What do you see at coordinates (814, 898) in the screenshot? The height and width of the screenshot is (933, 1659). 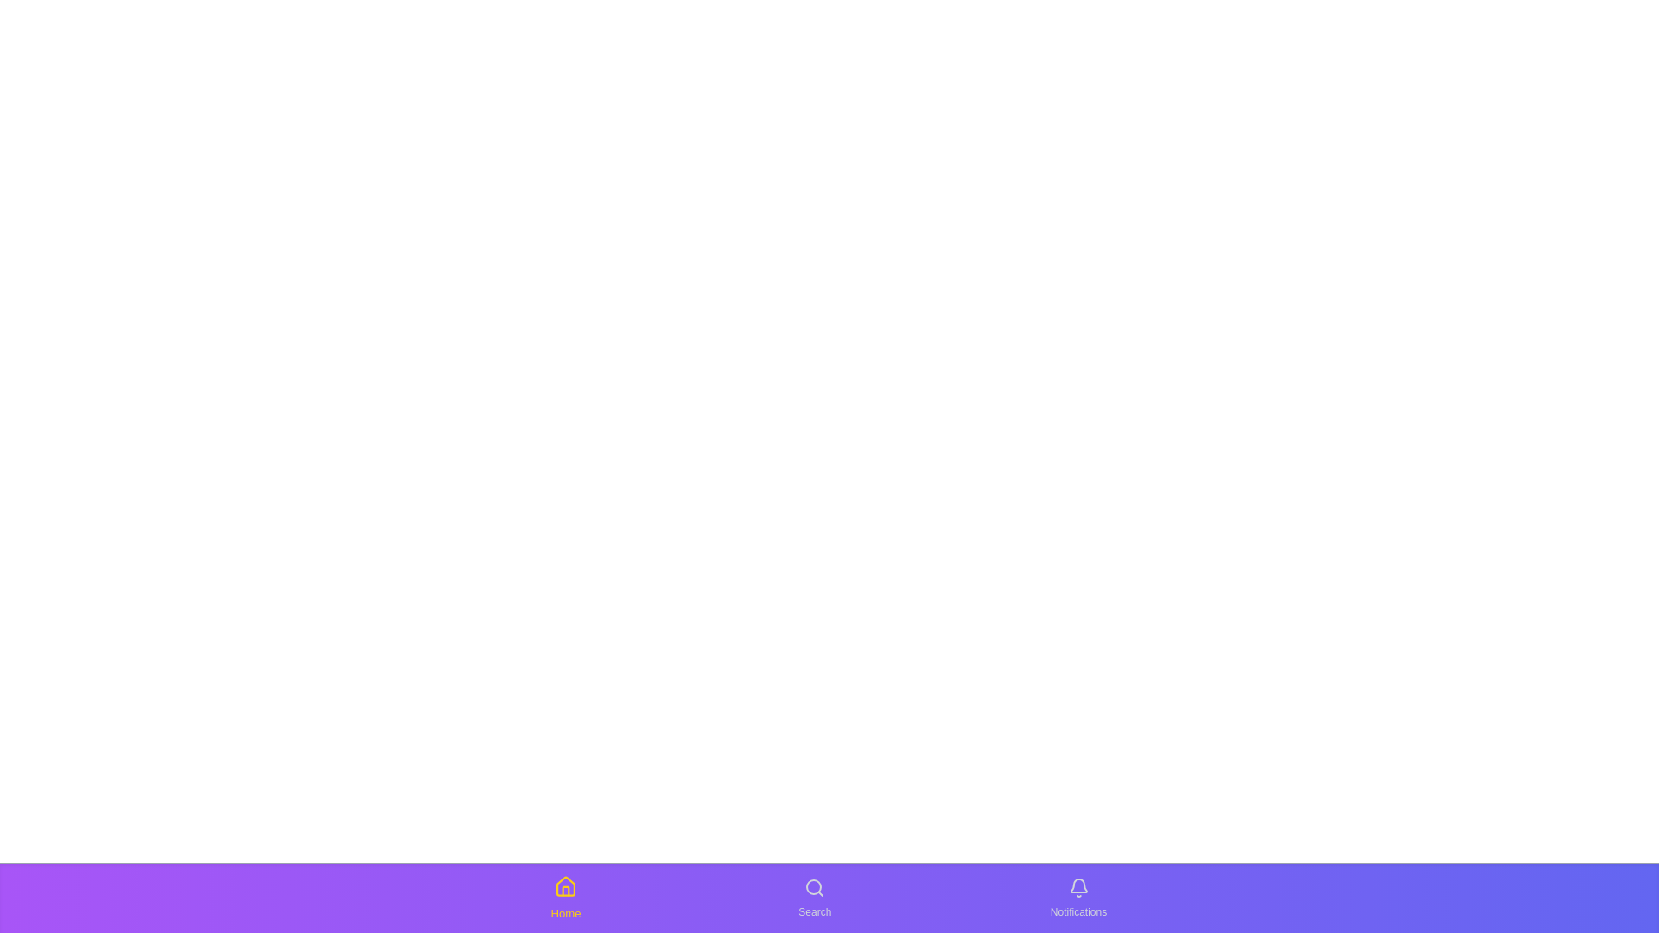 I see `the Search icon` at bounding box center [814, 898].